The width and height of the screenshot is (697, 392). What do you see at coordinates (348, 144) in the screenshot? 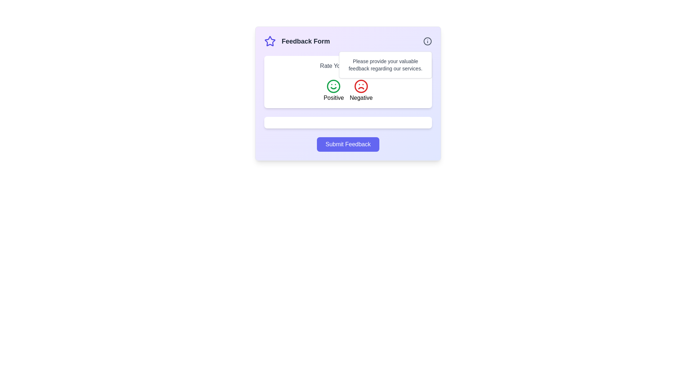
I see `the feedback submission button located centrally in the lower section of the feedback form panel` at bounding box center [348, 144].